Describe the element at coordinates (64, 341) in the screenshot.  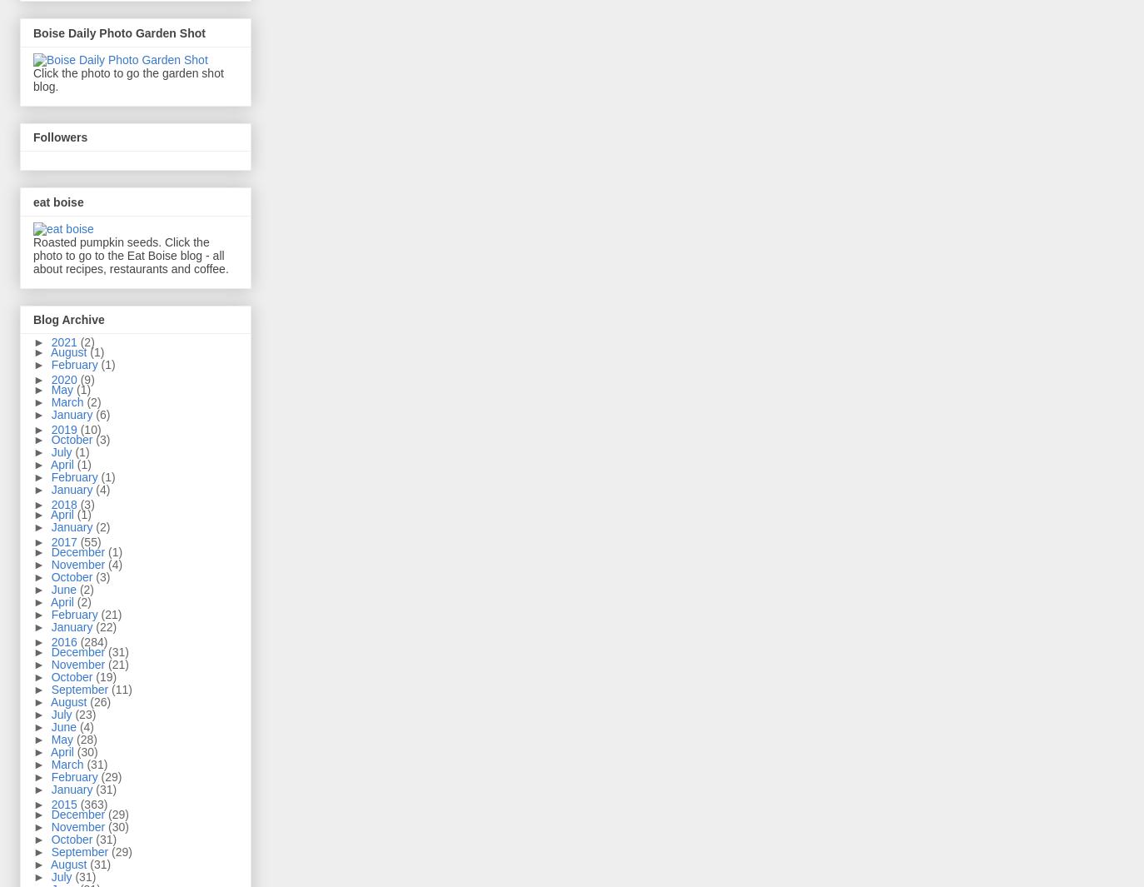
I see `'2021'` at that location.